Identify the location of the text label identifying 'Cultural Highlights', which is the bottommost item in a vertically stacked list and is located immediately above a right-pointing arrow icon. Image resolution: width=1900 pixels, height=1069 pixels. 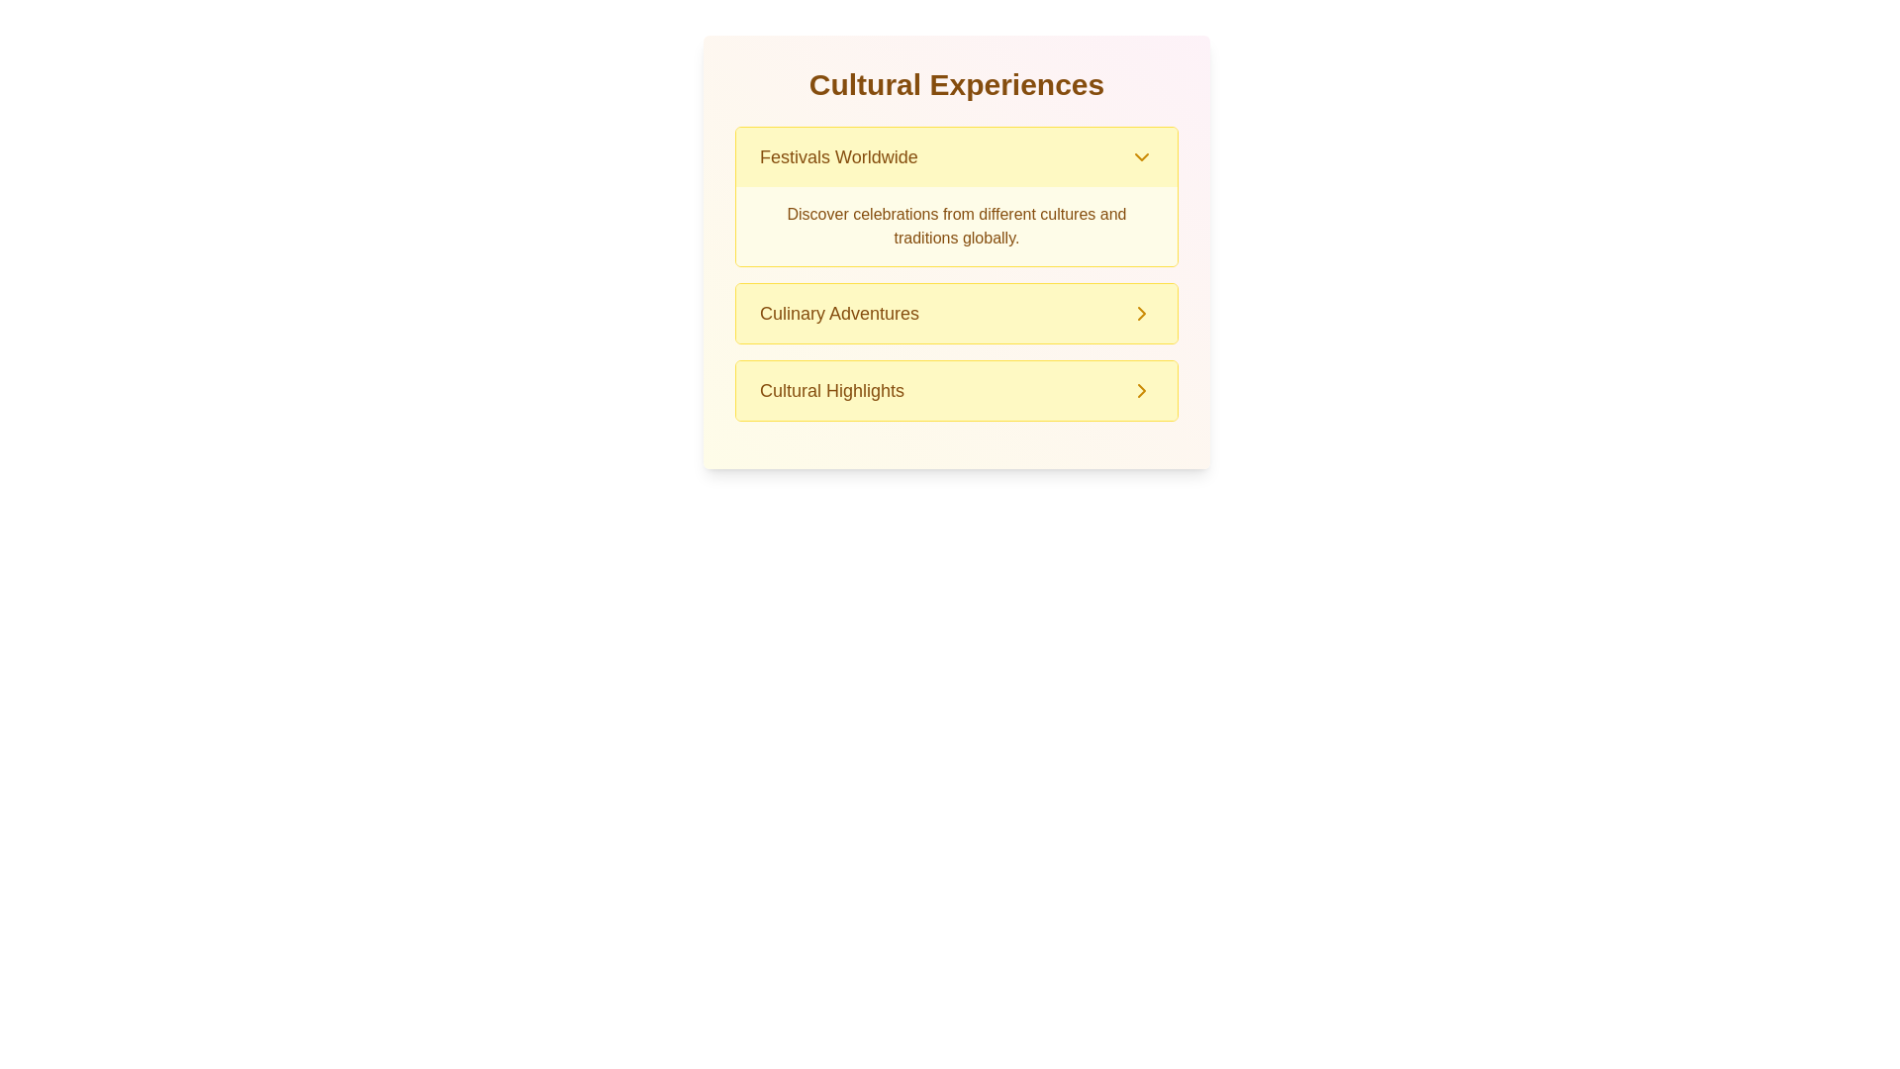
(831, 390).